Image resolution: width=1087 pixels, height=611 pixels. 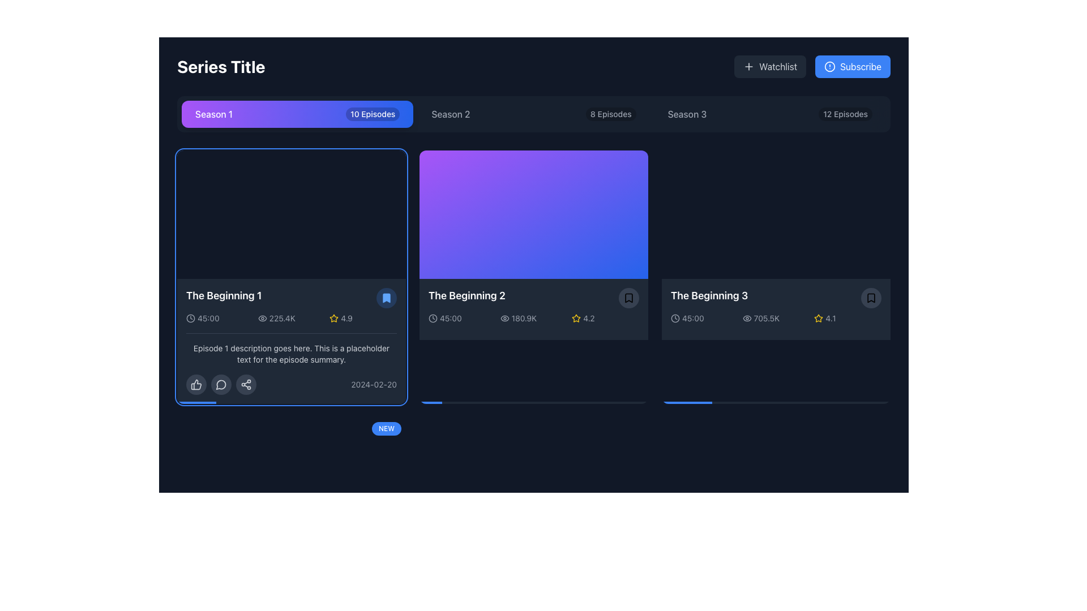 I want to click on the episode card displaying details about the episode such as title, duration, views, rating, description, and release date, which is the first card, so click(x=291, y=277).